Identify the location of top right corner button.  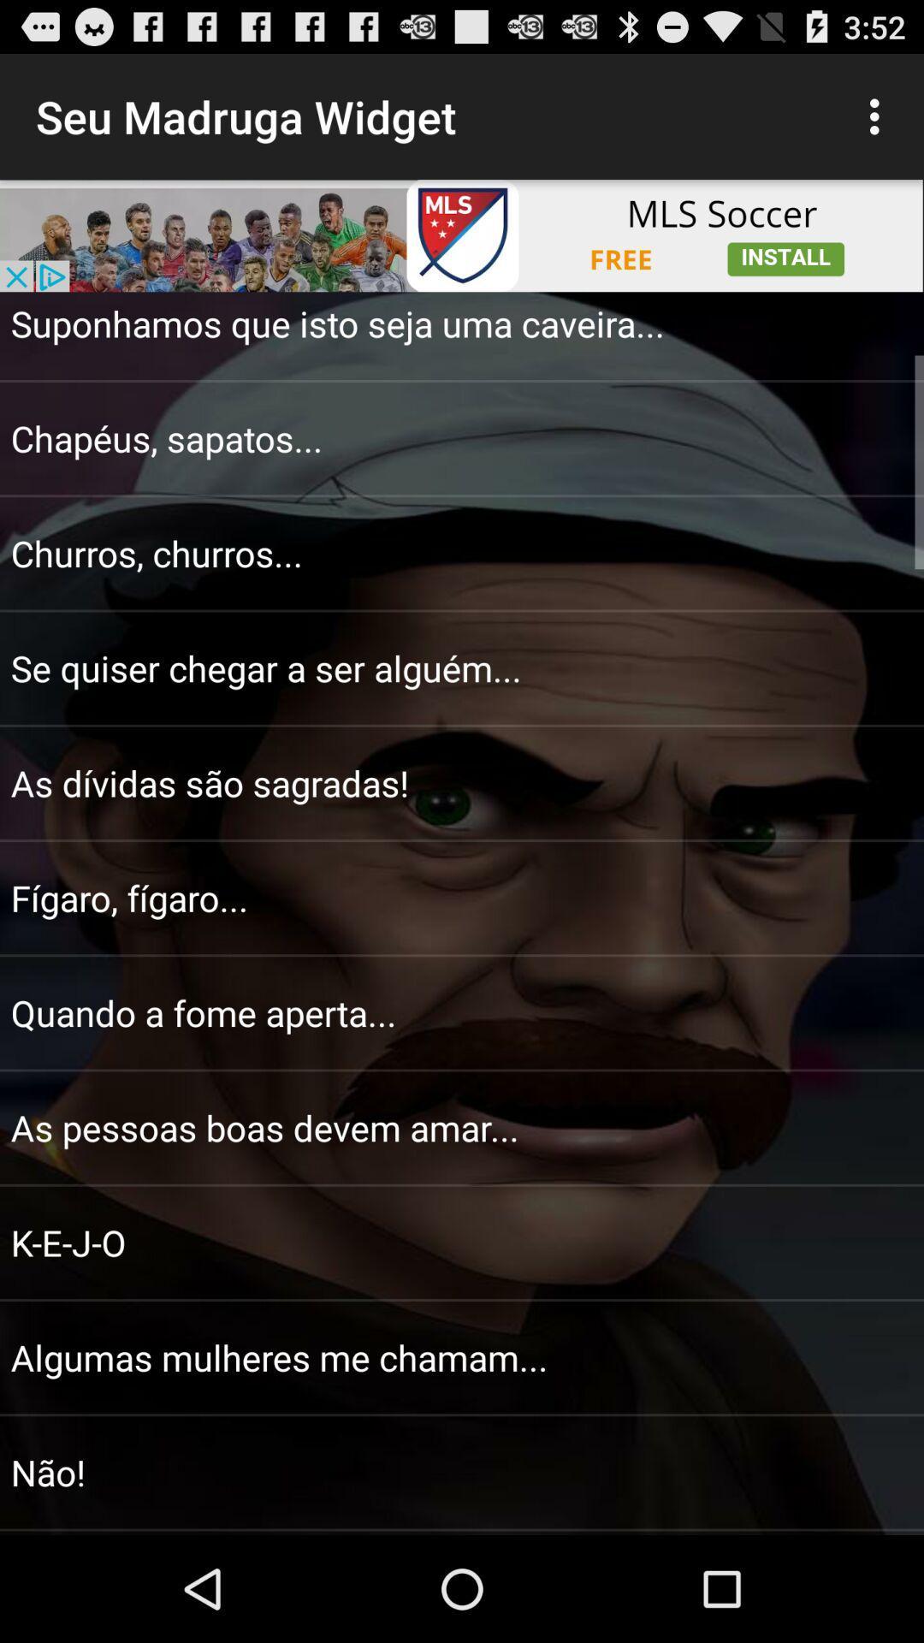
(879, 116).